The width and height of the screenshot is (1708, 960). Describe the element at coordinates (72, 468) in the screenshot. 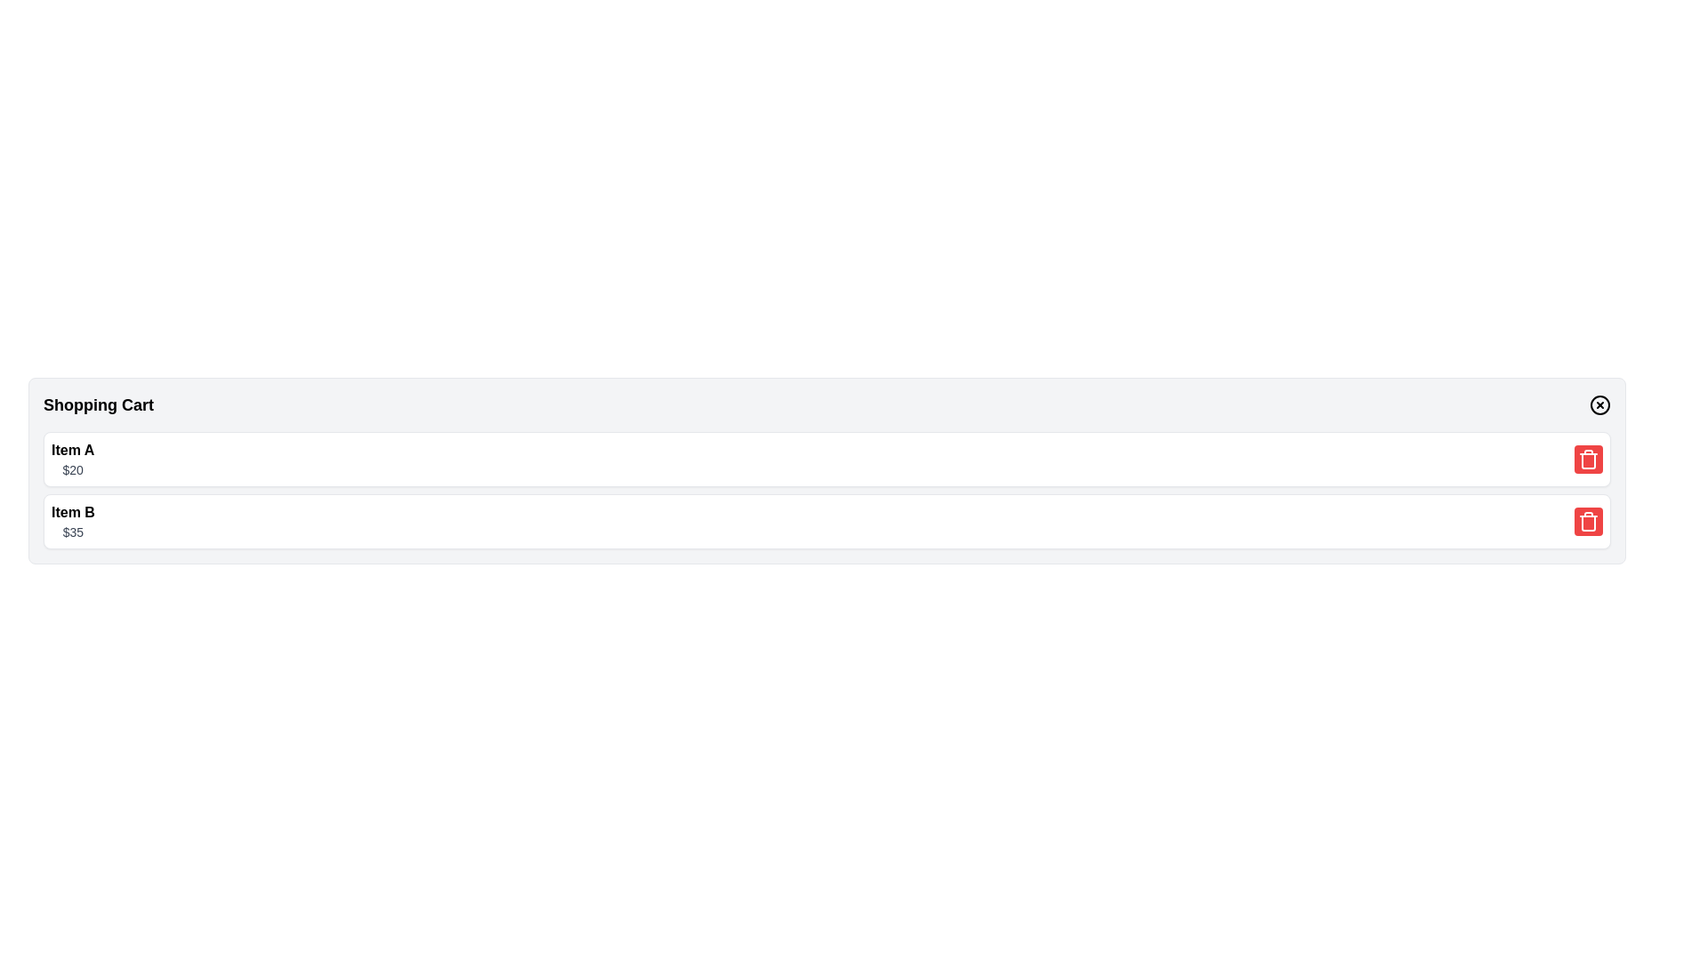

I see `price displayed in the text label for 'Item A' located below the item name and to the left of the delete icon in the shopping cart interface` at that location.